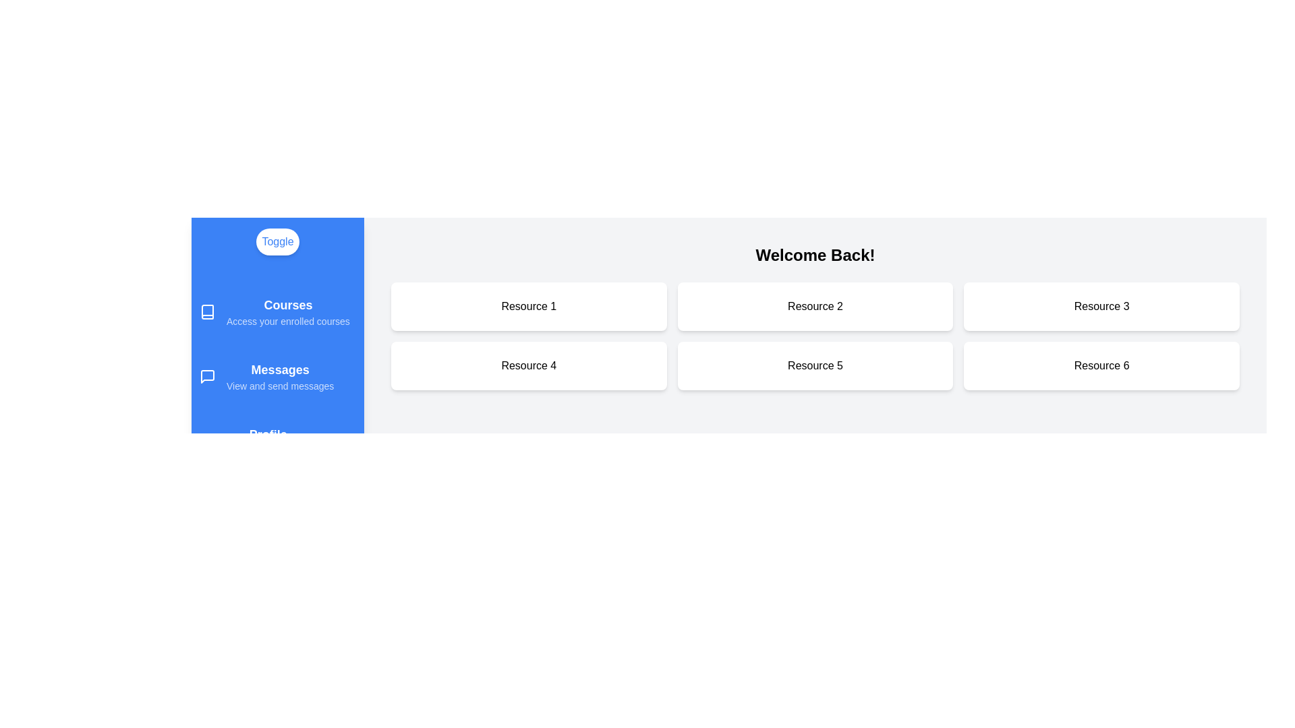 The height and width of the screenshot is (728, 1295). What do you see at coordinates (277, 377) in the screenshot?
I see `the drawer section corresponding to Messages` at bounding box center [277, 377].